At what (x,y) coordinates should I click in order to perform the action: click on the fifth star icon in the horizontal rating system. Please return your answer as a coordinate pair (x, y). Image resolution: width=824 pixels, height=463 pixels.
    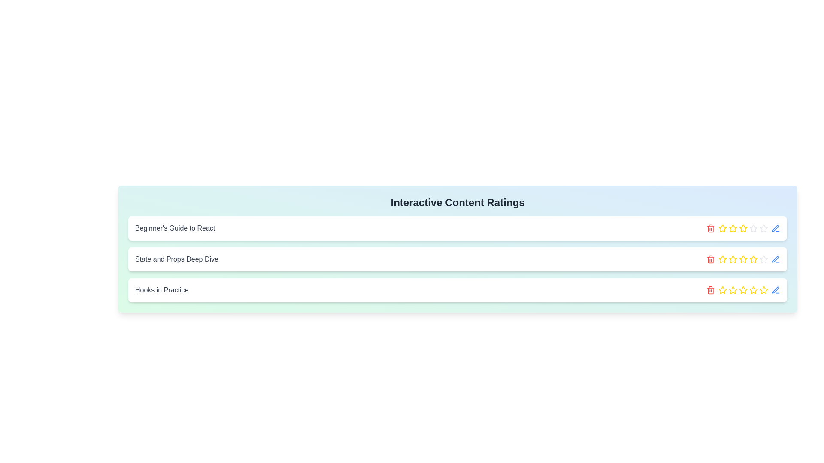
    Looking at the image, I should click on (753, 259).